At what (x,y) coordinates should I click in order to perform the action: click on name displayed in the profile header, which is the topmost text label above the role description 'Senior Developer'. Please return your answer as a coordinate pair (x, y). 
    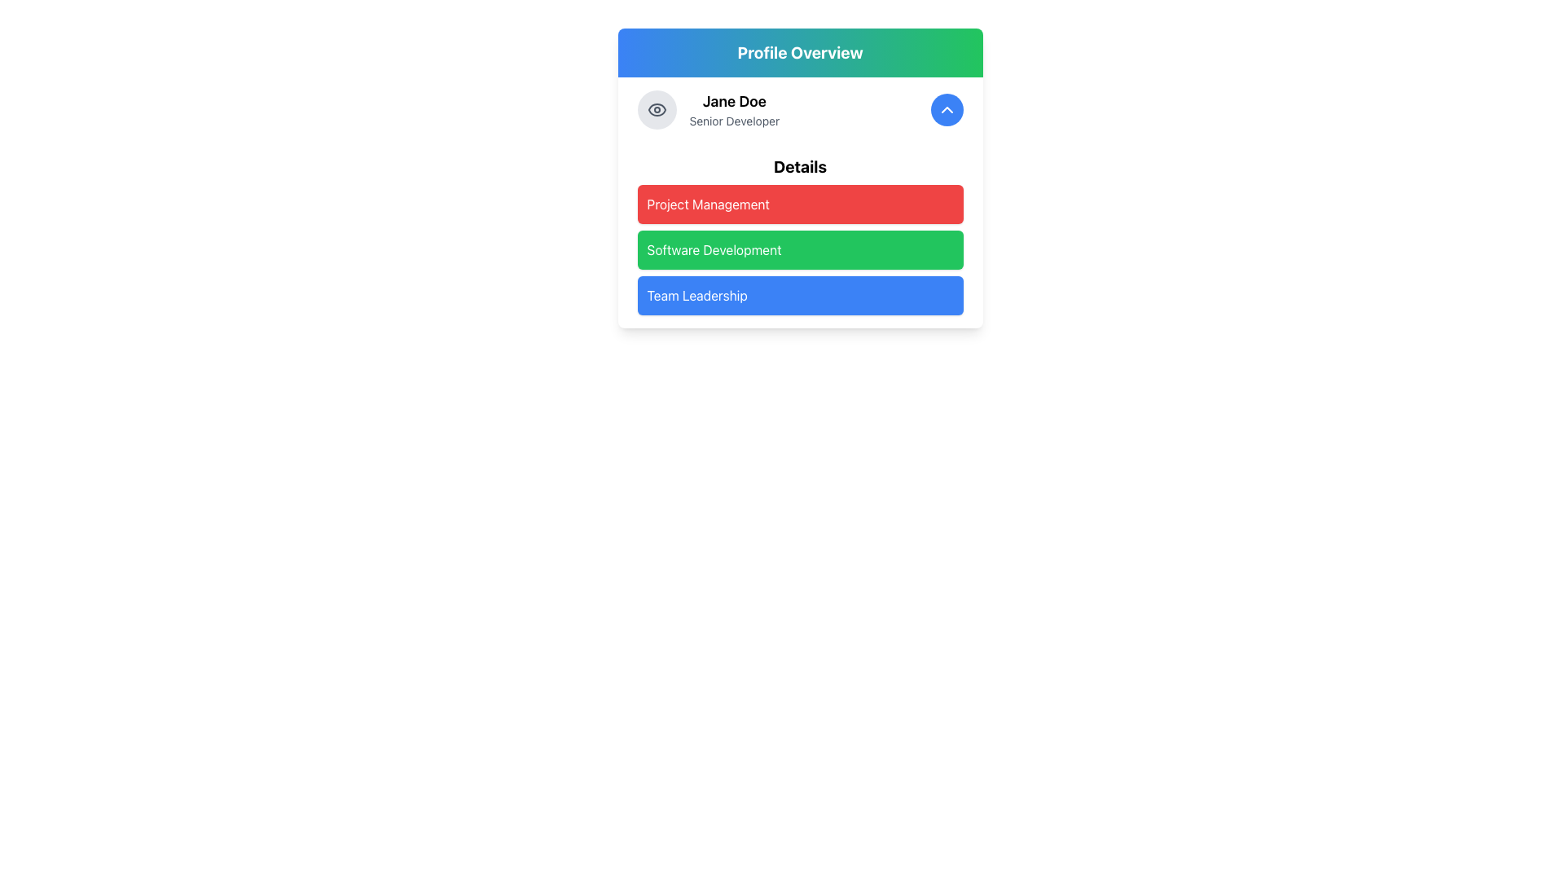
    Looking at the image, I should click on (733, 101).